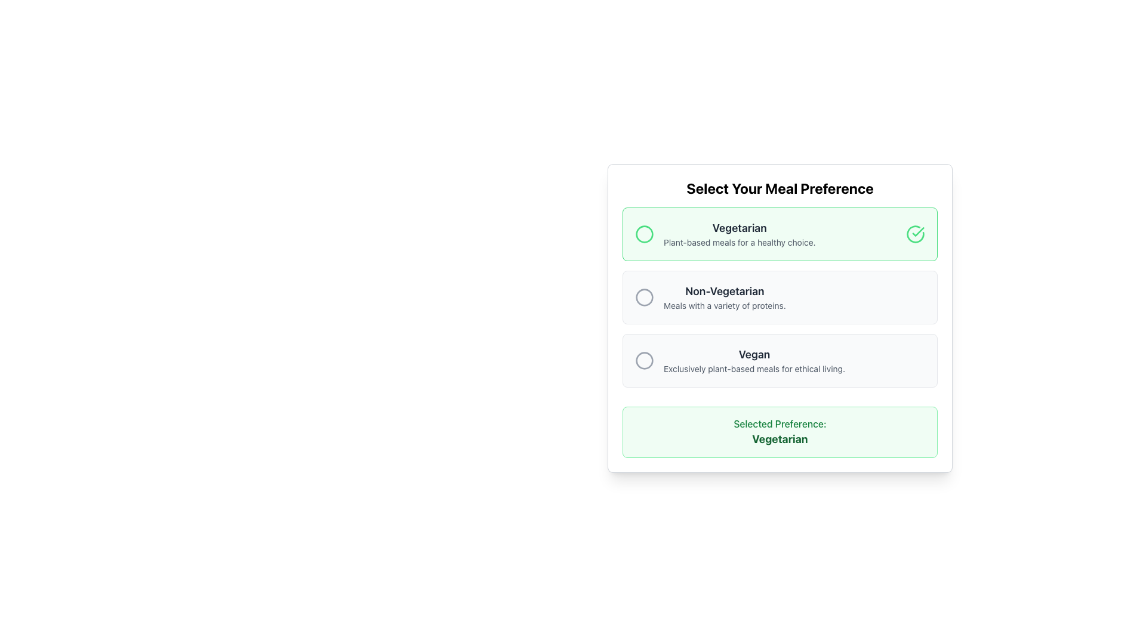  Describe the element at coordinates (753, 368) in the screenshot. I see `the text label that describes 'Exclusively plant-based meals for ethical living.' located below the title 'Vegan' in the meal preferences list` at that location.